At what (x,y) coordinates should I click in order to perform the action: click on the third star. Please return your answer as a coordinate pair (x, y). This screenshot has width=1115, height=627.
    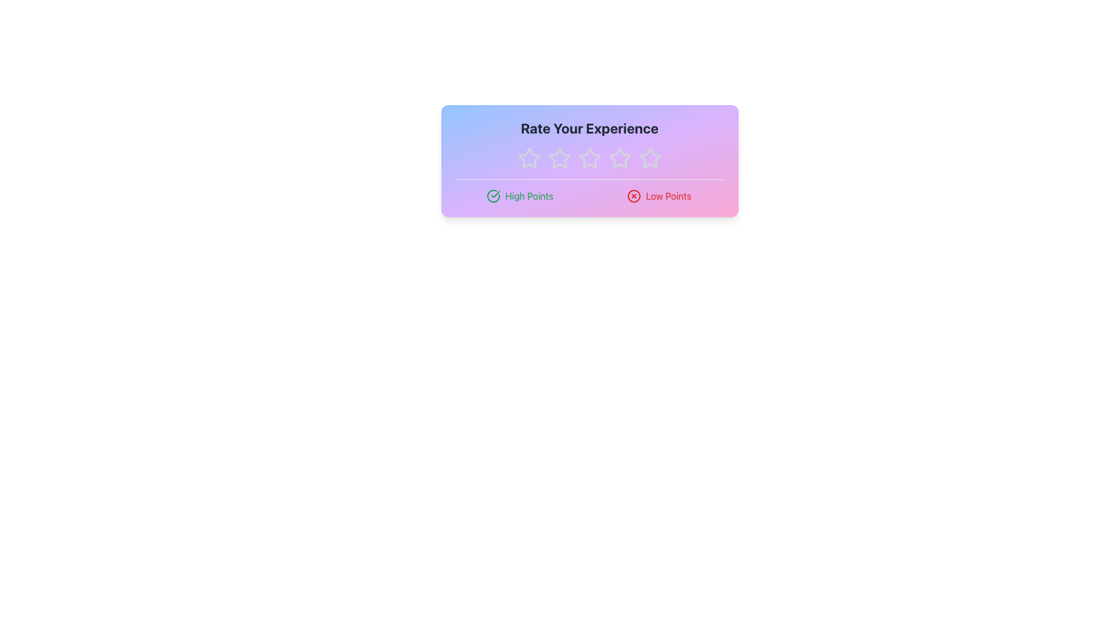
    Looking at the image, I should click on (589, 158).